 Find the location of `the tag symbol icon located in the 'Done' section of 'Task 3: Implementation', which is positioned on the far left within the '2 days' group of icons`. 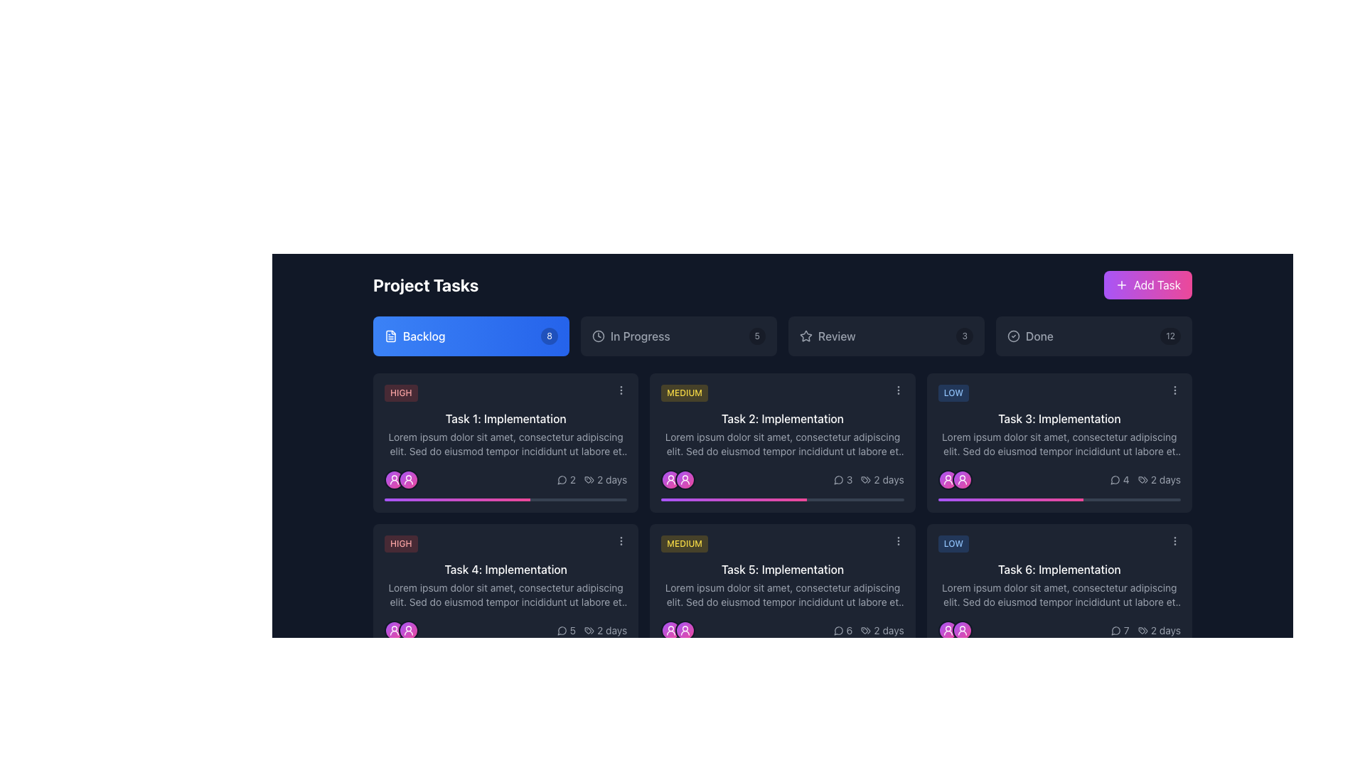

the tag symbol icon located in the 'Done' section of 'Task 3: Implementation', which is positioned on the far left within the '2 days' group of icons is located at coordinates (1142, 480).